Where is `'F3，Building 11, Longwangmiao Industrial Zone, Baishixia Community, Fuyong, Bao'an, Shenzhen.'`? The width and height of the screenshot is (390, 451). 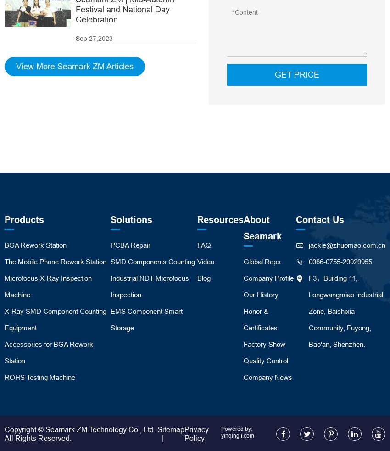 'F3，Building 11, Longwangmiao Industrial Zone, Baishixia Community, Fuyong, Bao'an, Shenzhen.' is located at coordinates (346, 310).